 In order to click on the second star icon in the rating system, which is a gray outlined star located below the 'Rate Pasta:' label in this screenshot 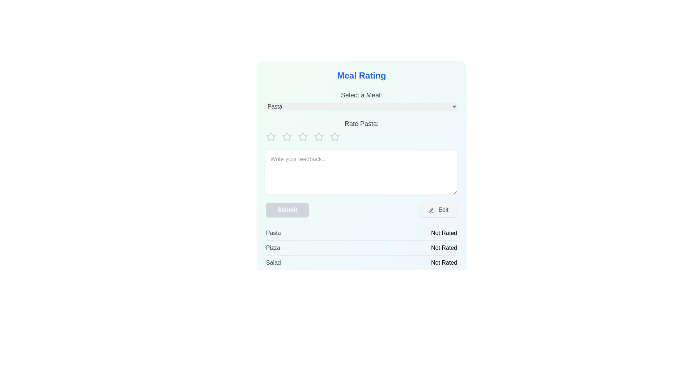, I will do `click(286, 136)`.